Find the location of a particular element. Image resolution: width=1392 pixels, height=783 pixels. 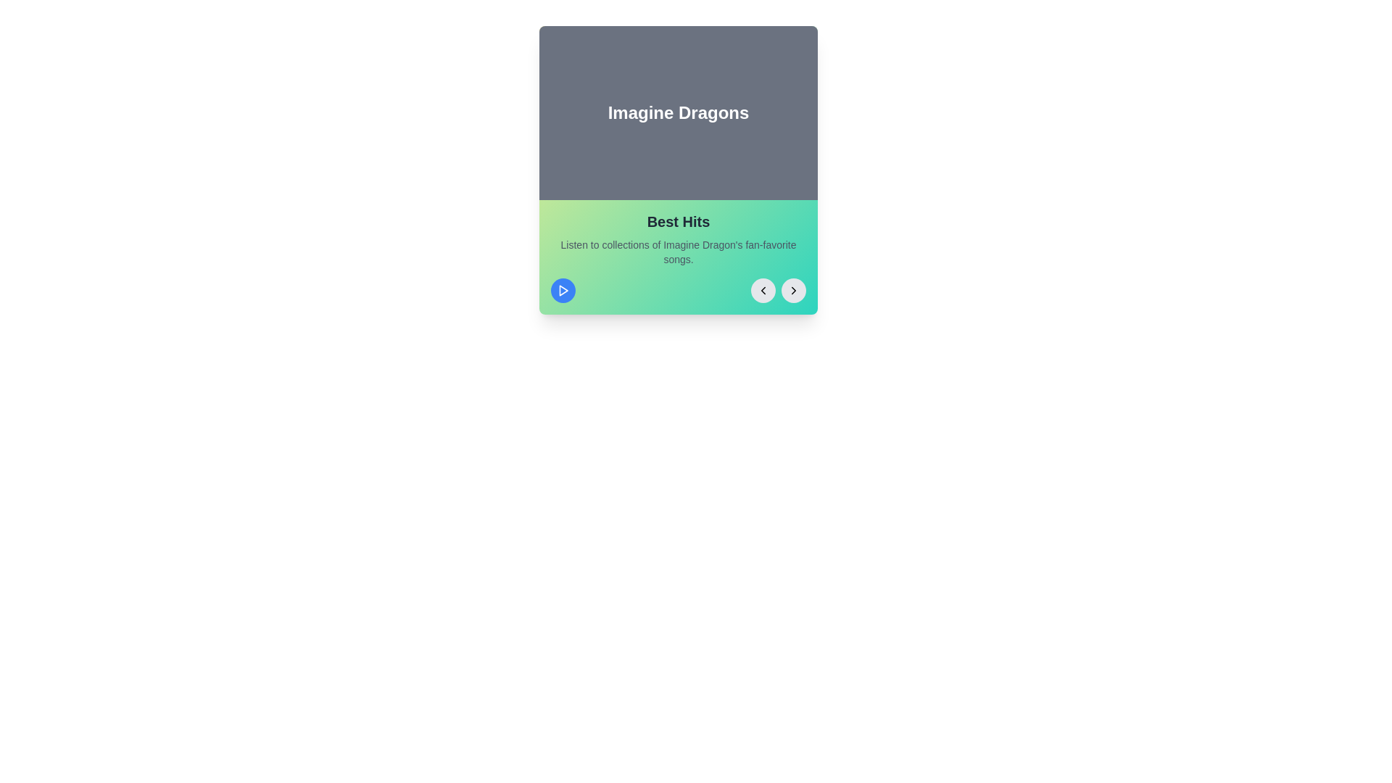

the circular button with a leftward-pointing chevron icon is located at coordinates (762, 291).